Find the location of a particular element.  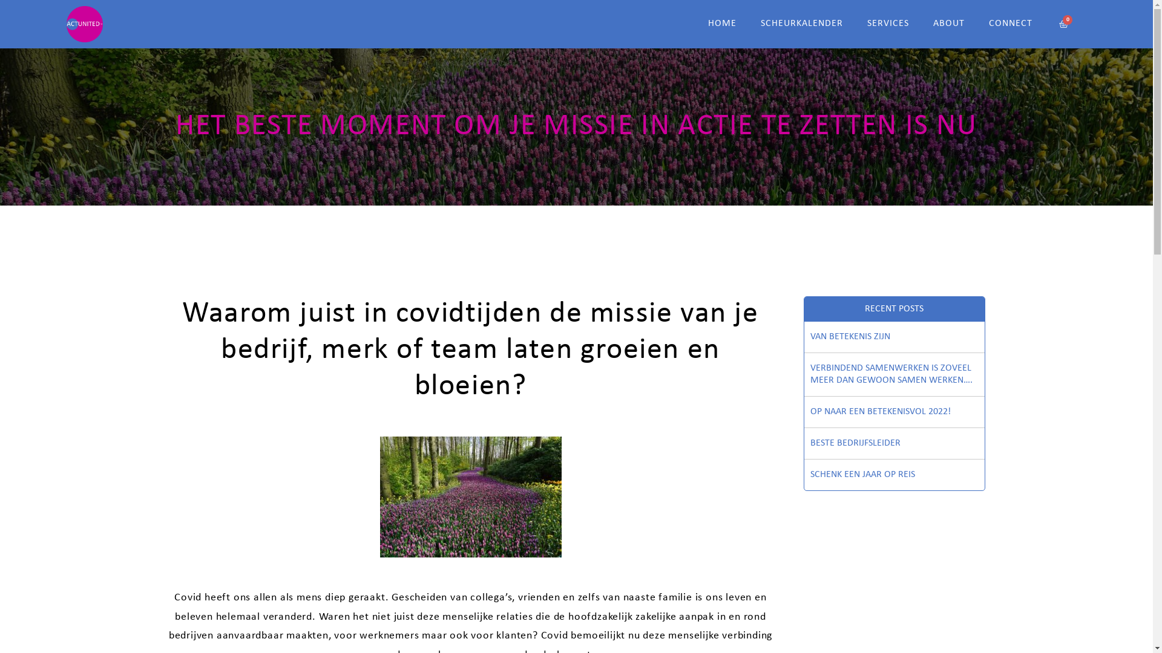

'HOME' is located at coordinates (722, 24).